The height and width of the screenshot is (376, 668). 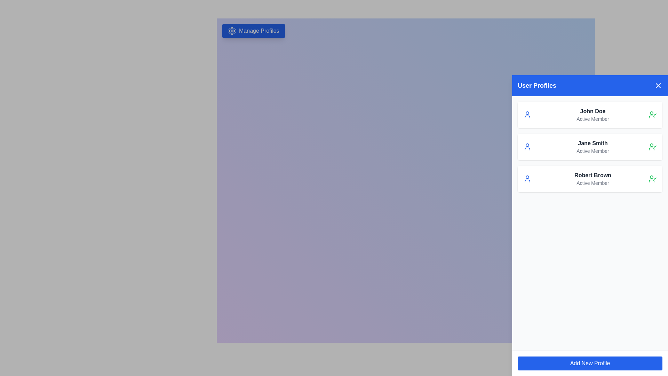 What do you see at coordinates (593, 178) in the screenshot?
I see `the Text component displaying the user's name and membership status, which is the third entry in the user profiles list, located below 'Jane Smith' and above the 'Add New Profile' button` at bounding box center [593, 178].